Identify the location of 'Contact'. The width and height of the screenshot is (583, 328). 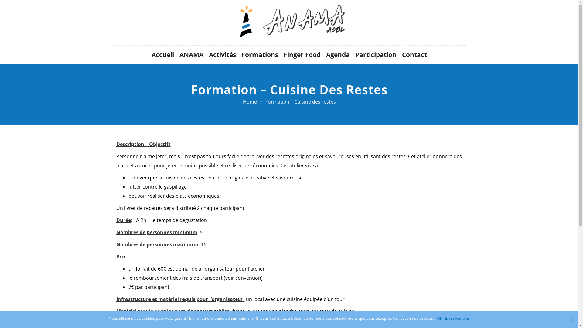
(414, 55).